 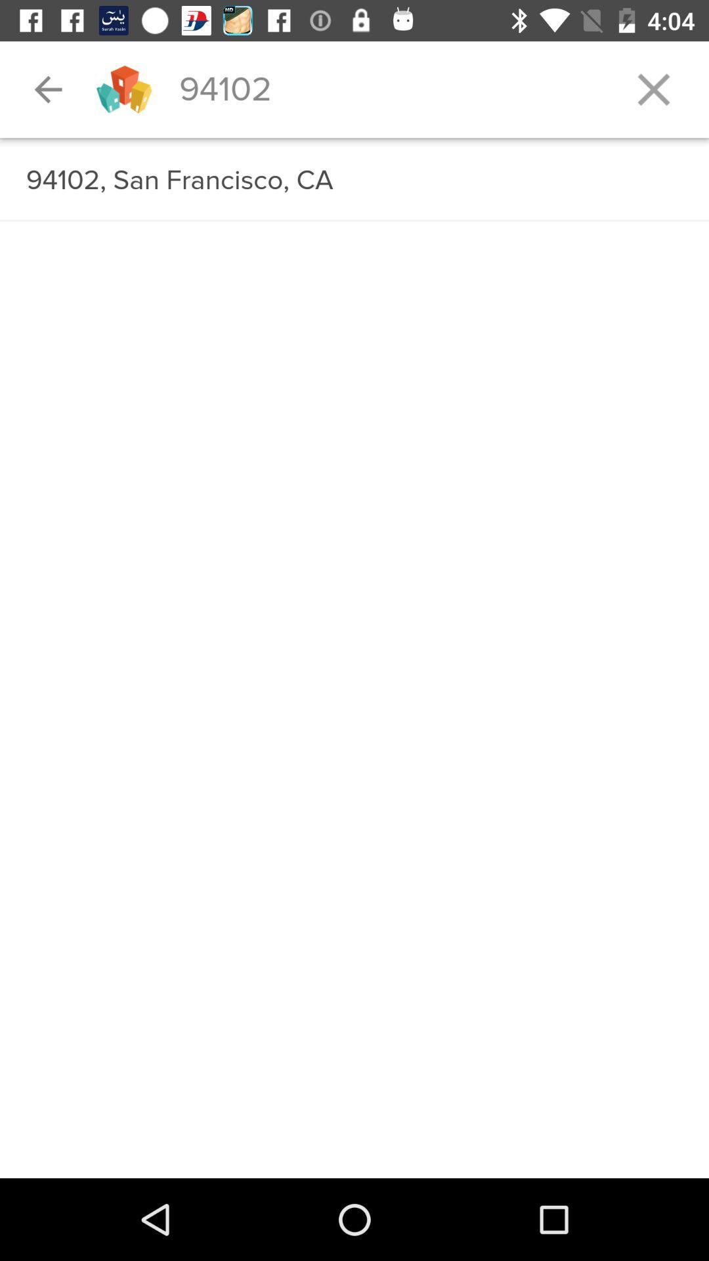 I want to click on the icon at the top right corner, so click(x=653, y=89).